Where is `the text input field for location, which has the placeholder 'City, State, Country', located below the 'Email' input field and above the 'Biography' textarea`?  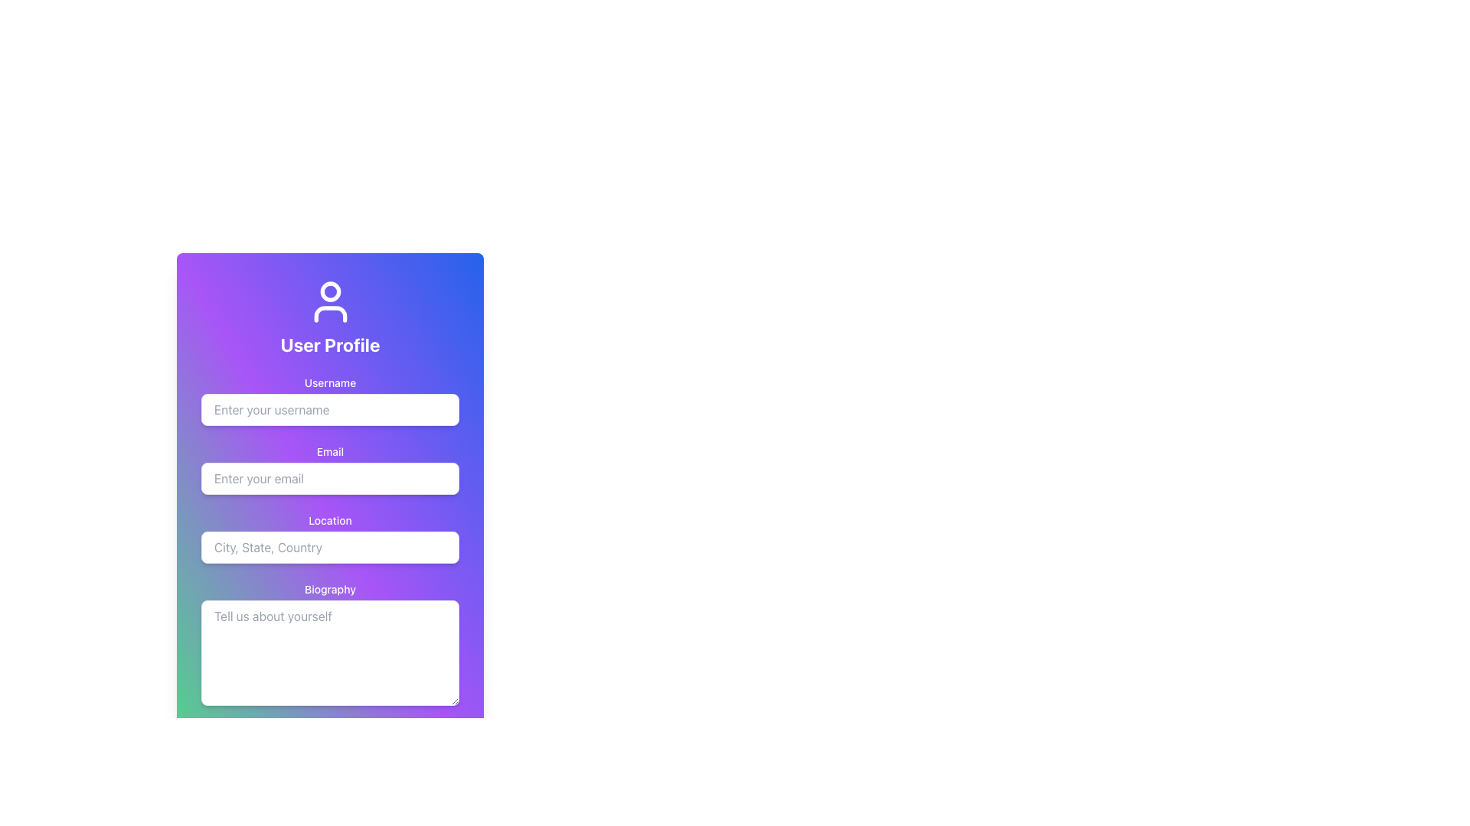 the text input field for location, which has the placeholder 'City, State, Country', located below the 'Email' input field and above the 'Biography' textarea is located at coordinates (329, 538).